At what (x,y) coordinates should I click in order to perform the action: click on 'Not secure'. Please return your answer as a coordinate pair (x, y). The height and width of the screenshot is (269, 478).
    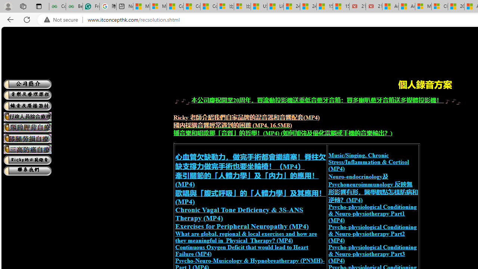
    Looking at the image, I should click on (63, 19).